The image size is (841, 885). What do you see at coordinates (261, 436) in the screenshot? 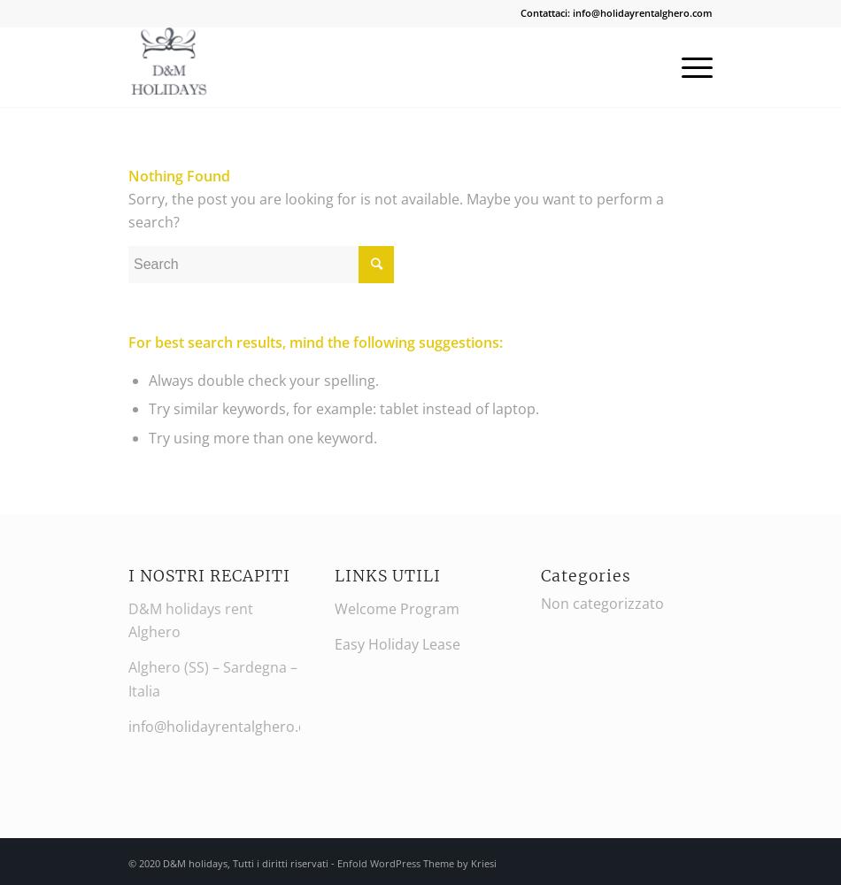
I see `'Try using more than one keyword.'` at bounding box center [261, 436].